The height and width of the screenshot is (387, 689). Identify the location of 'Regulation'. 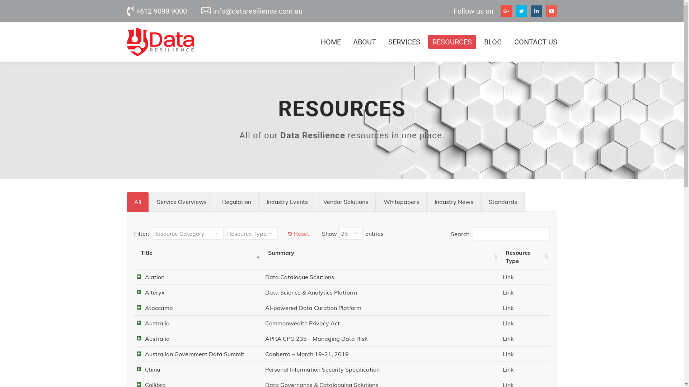
(236, 202).